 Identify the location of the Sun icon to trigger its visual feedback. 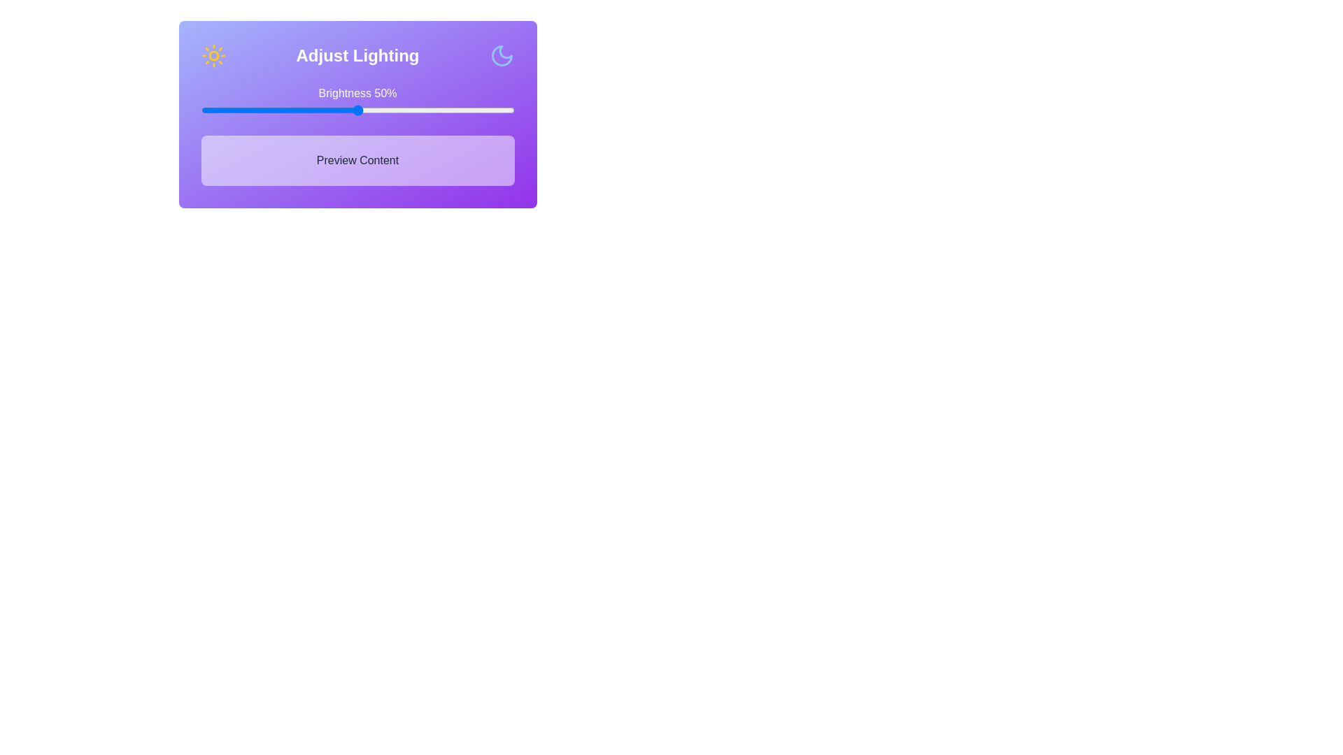
(213, 55).